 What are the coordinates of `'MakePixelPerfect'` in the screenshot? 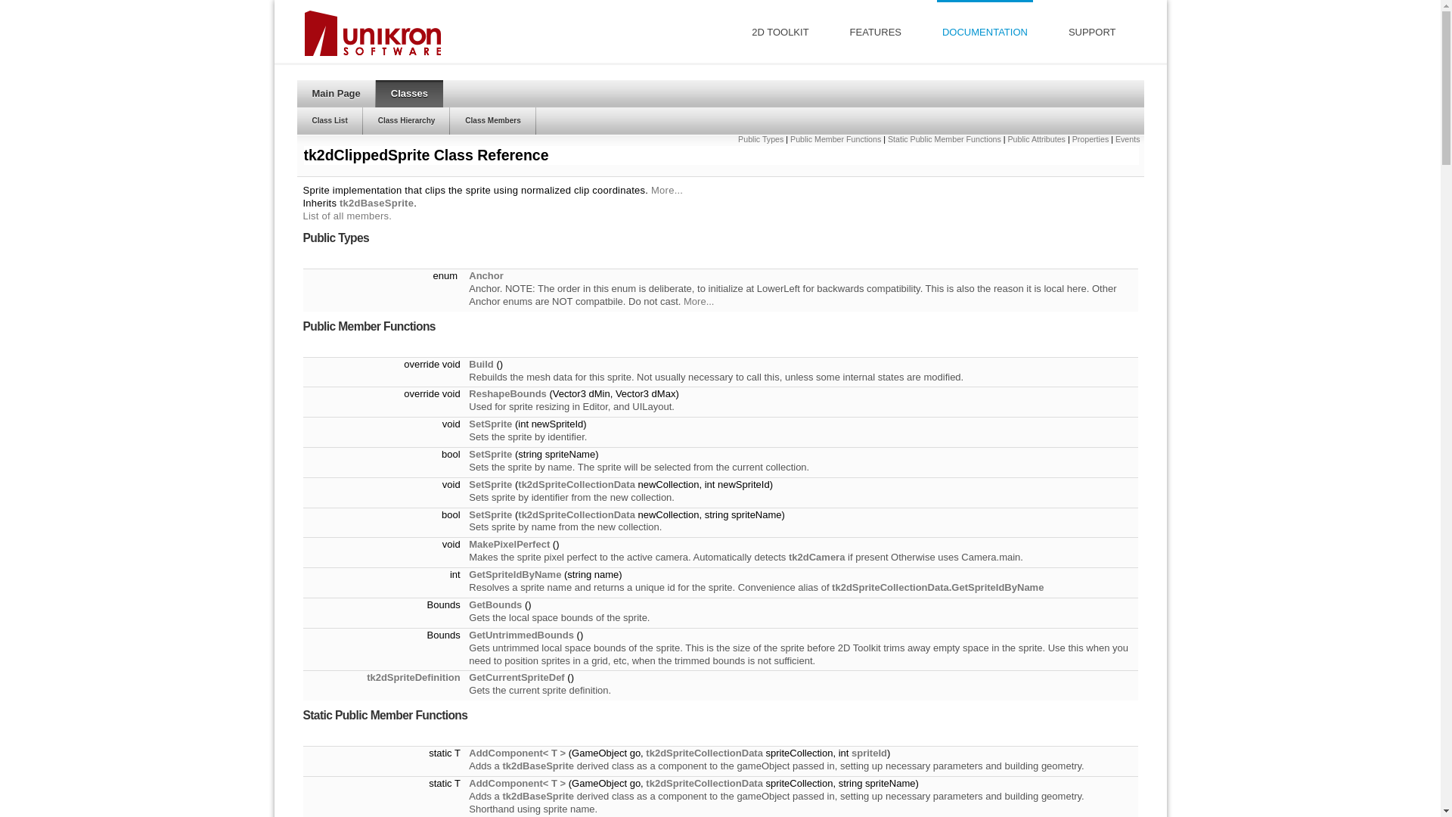 It's located at (509, 543).